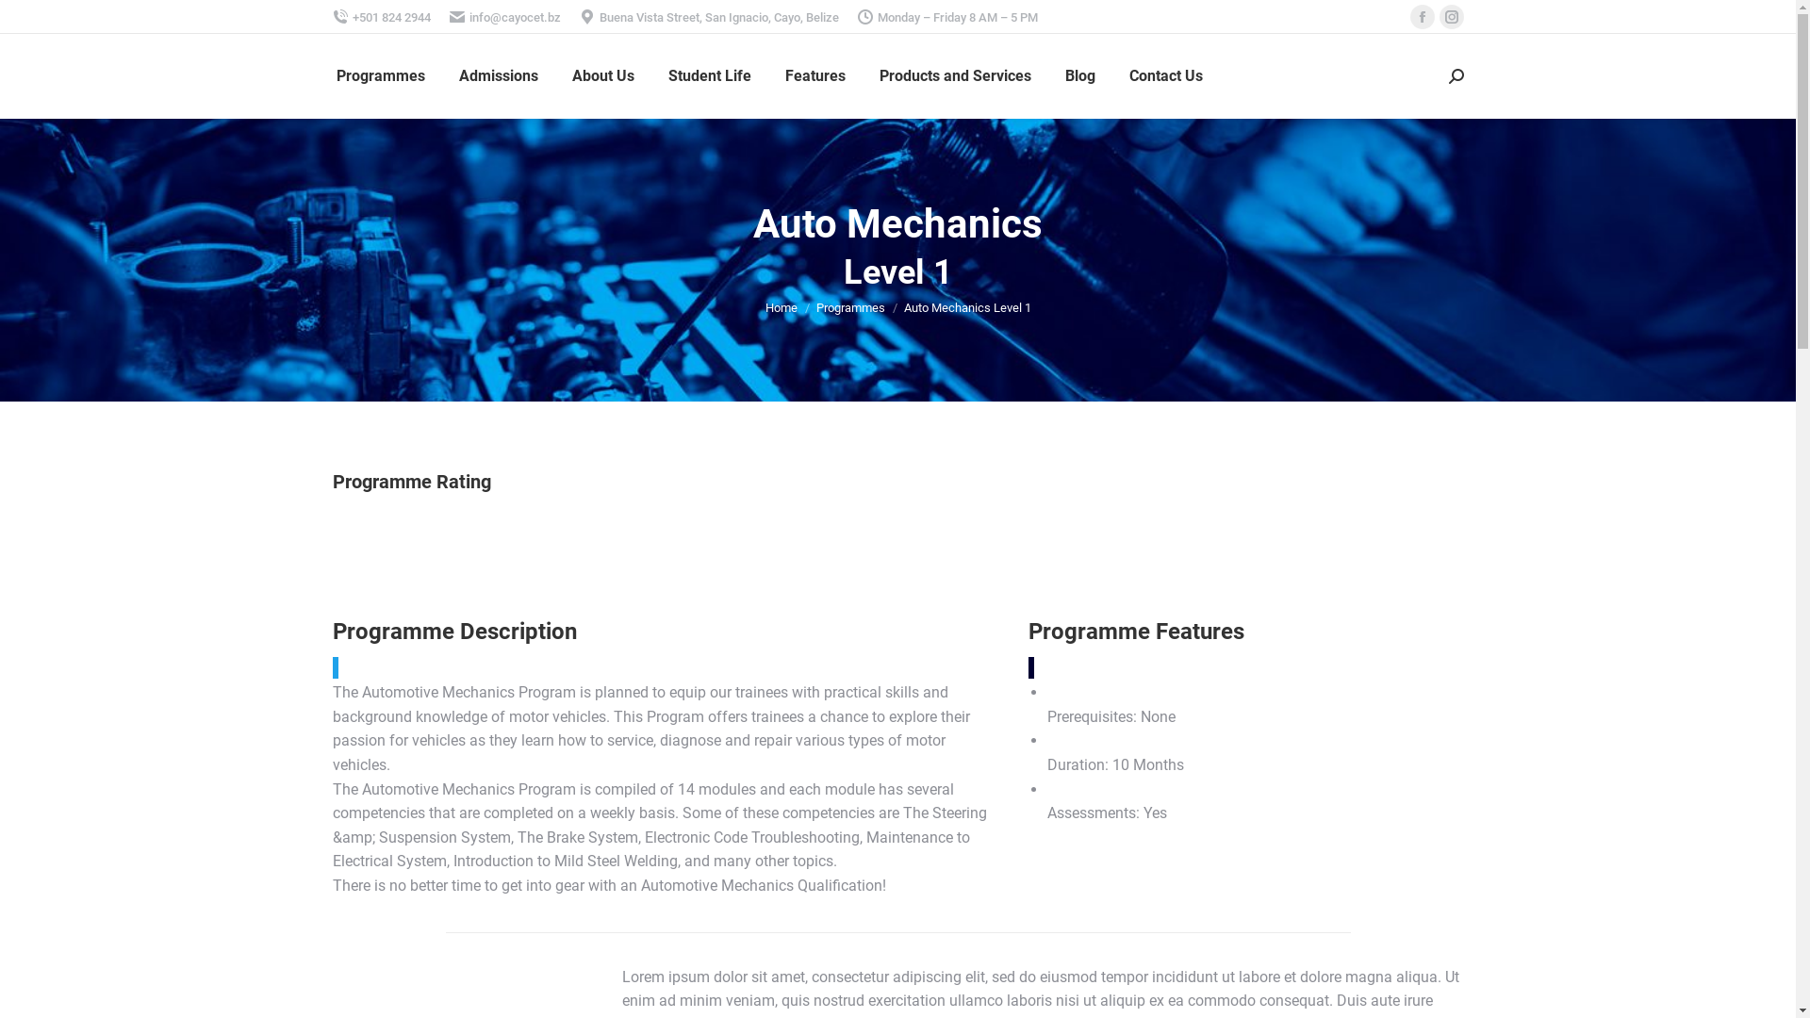 The image size is (1810, 1018). I want to click on 'Go!', so click(26, 18).